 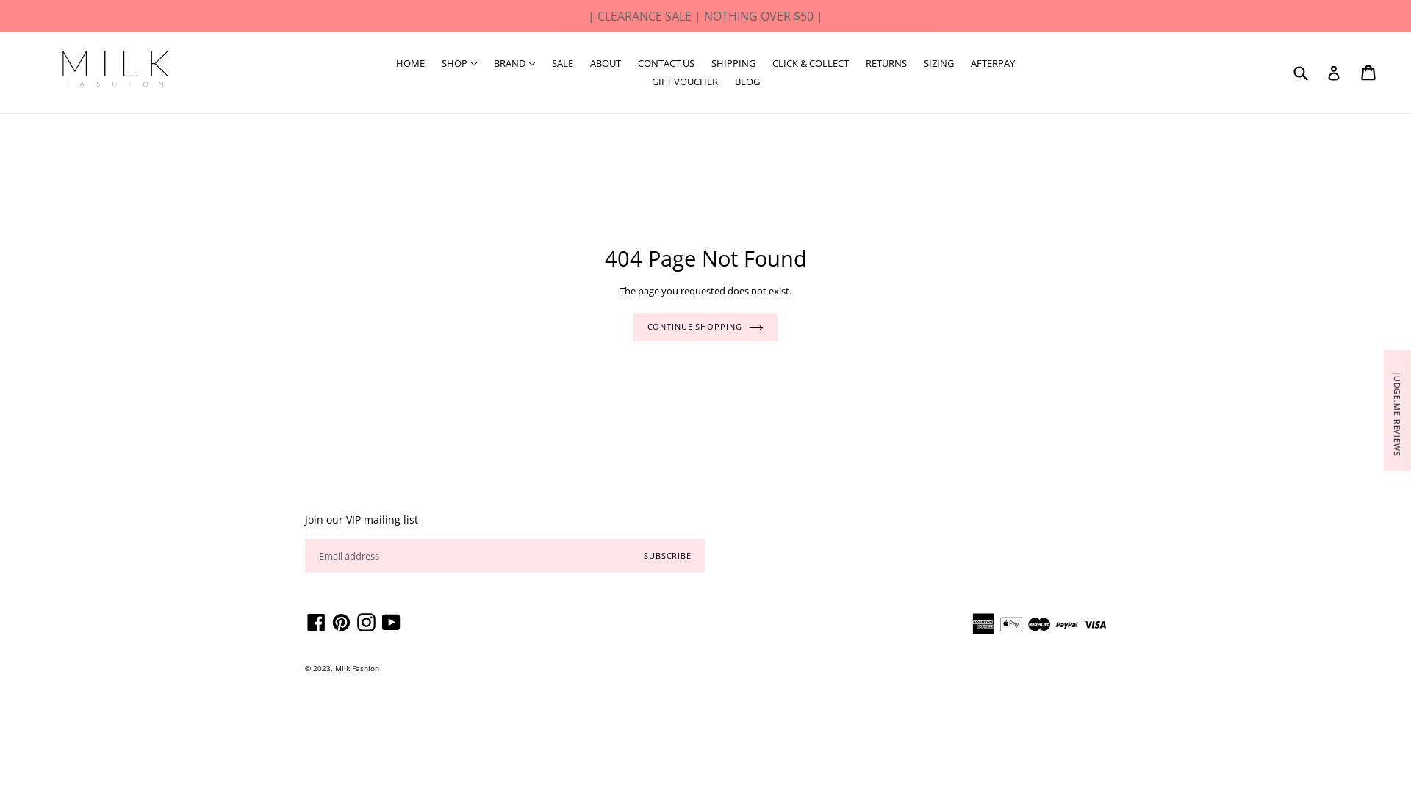 I want to click on 'AFTERPAY', so click(x=992, y=63).